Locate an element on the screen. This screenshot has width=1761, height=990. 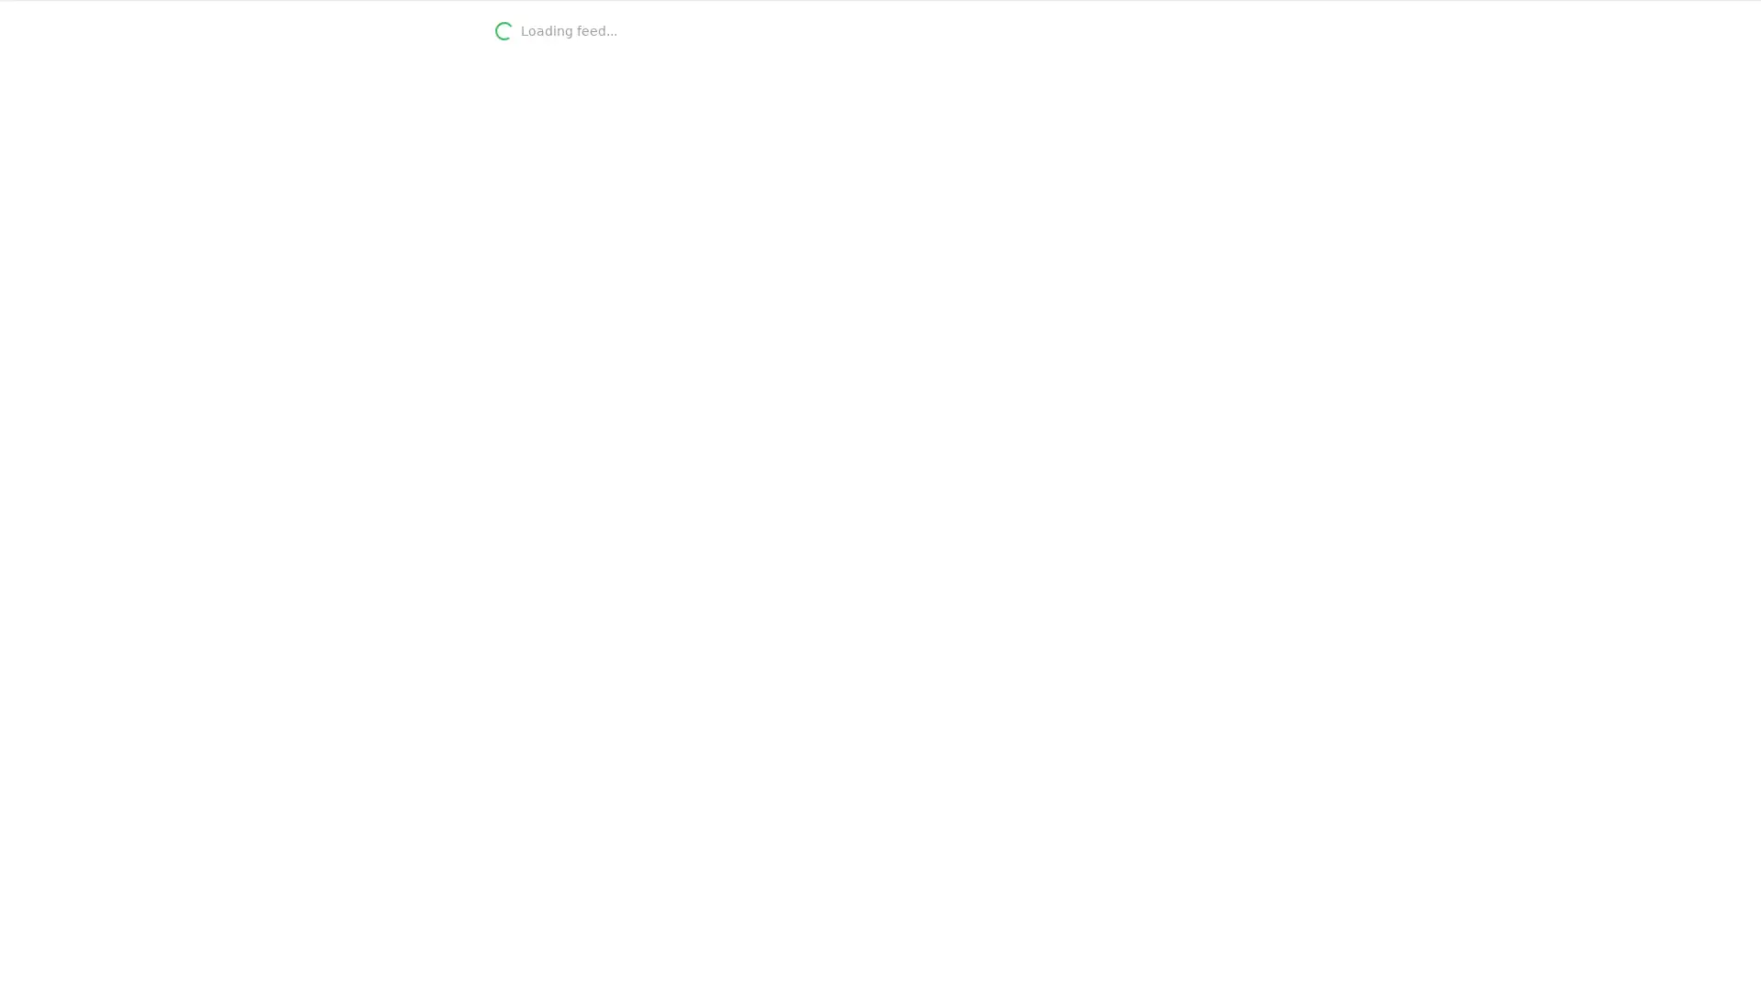
Refresh is located at coordinates (1246, 61).